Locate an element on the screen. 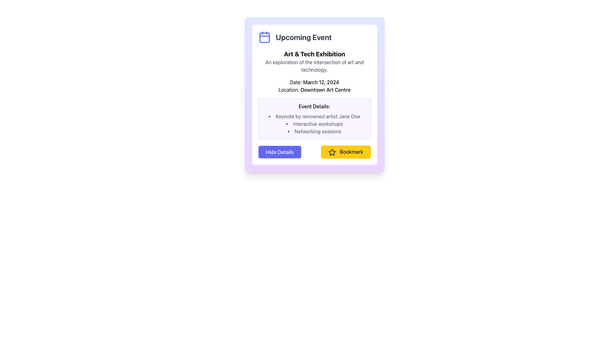 The image size is (600, 338). the Text label that displays the specific date of the event, located centrally below the title and description in the 'Date' section is located at coordinates (321, 82).